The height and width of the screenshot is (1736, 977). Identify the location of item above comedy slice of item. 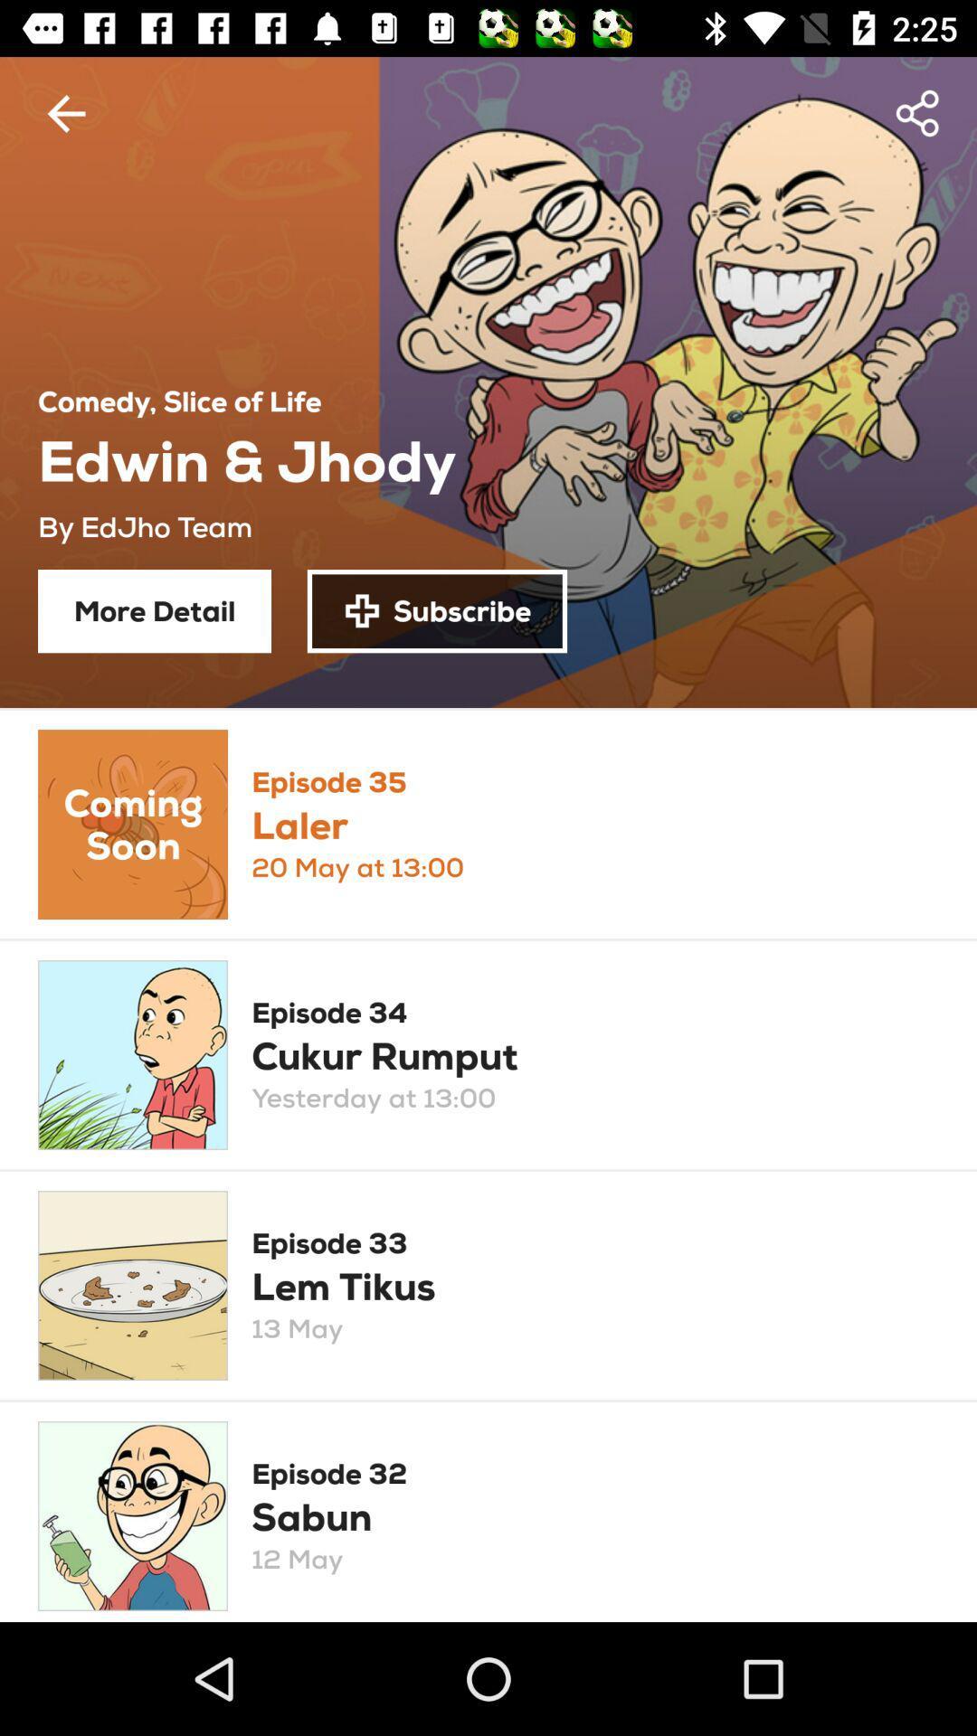
(65, 112).